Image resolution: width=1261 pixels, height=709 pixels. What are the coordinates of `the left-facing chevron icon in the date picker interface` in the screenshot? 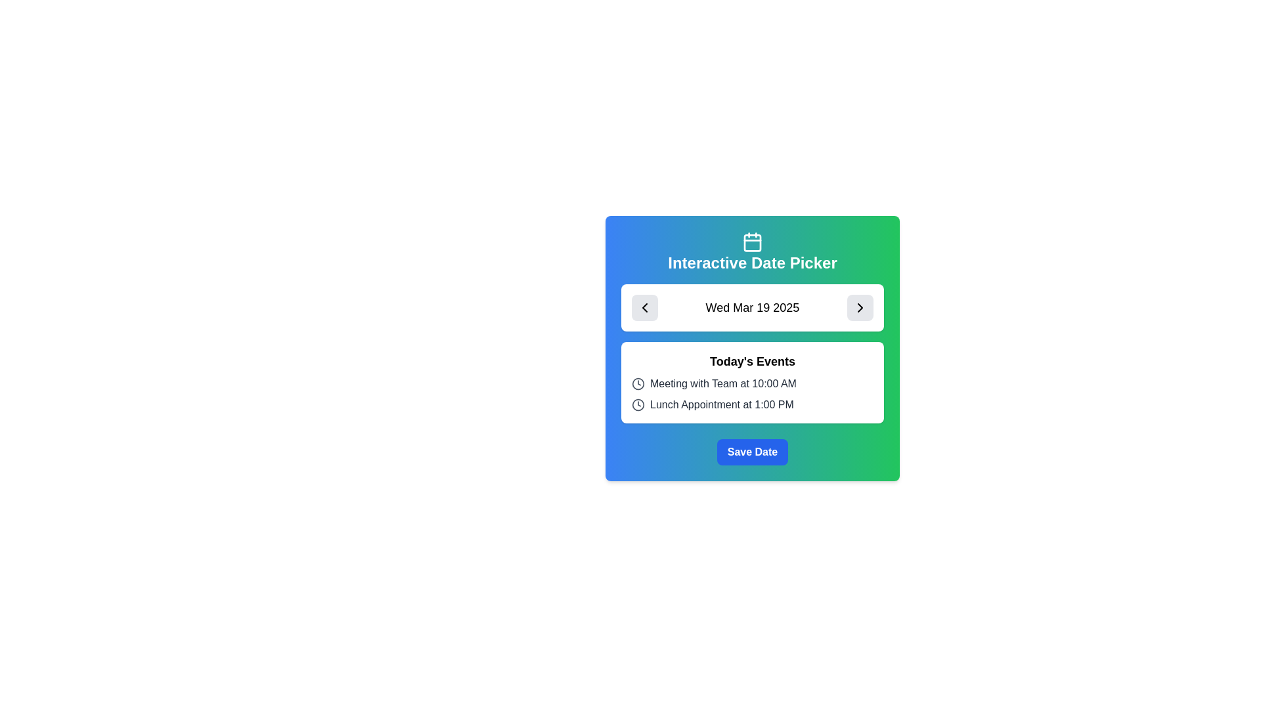 It's located at (645, 308).